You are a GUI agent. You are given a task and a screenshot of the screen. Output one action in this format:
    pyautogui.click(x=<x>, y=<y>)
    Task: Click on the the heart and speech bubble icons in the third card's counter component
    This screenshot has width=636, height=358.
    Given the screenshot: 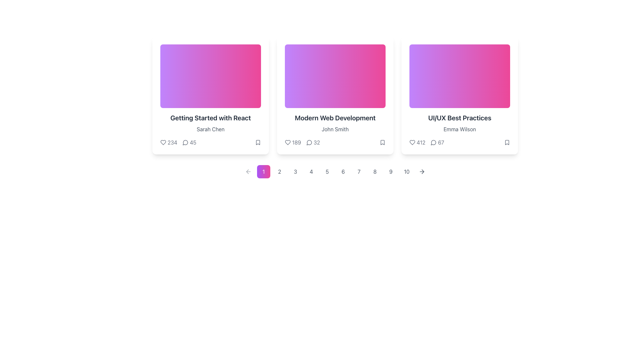 What is the action you would take?
    pyautogui.click(x=427, y=142)
    